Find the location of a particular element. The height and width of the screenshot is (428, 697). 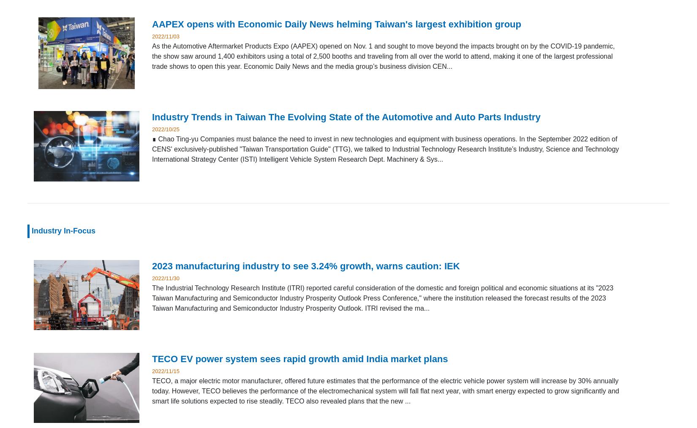

'Industry In-Focus' is located at coordinates (63, 230).